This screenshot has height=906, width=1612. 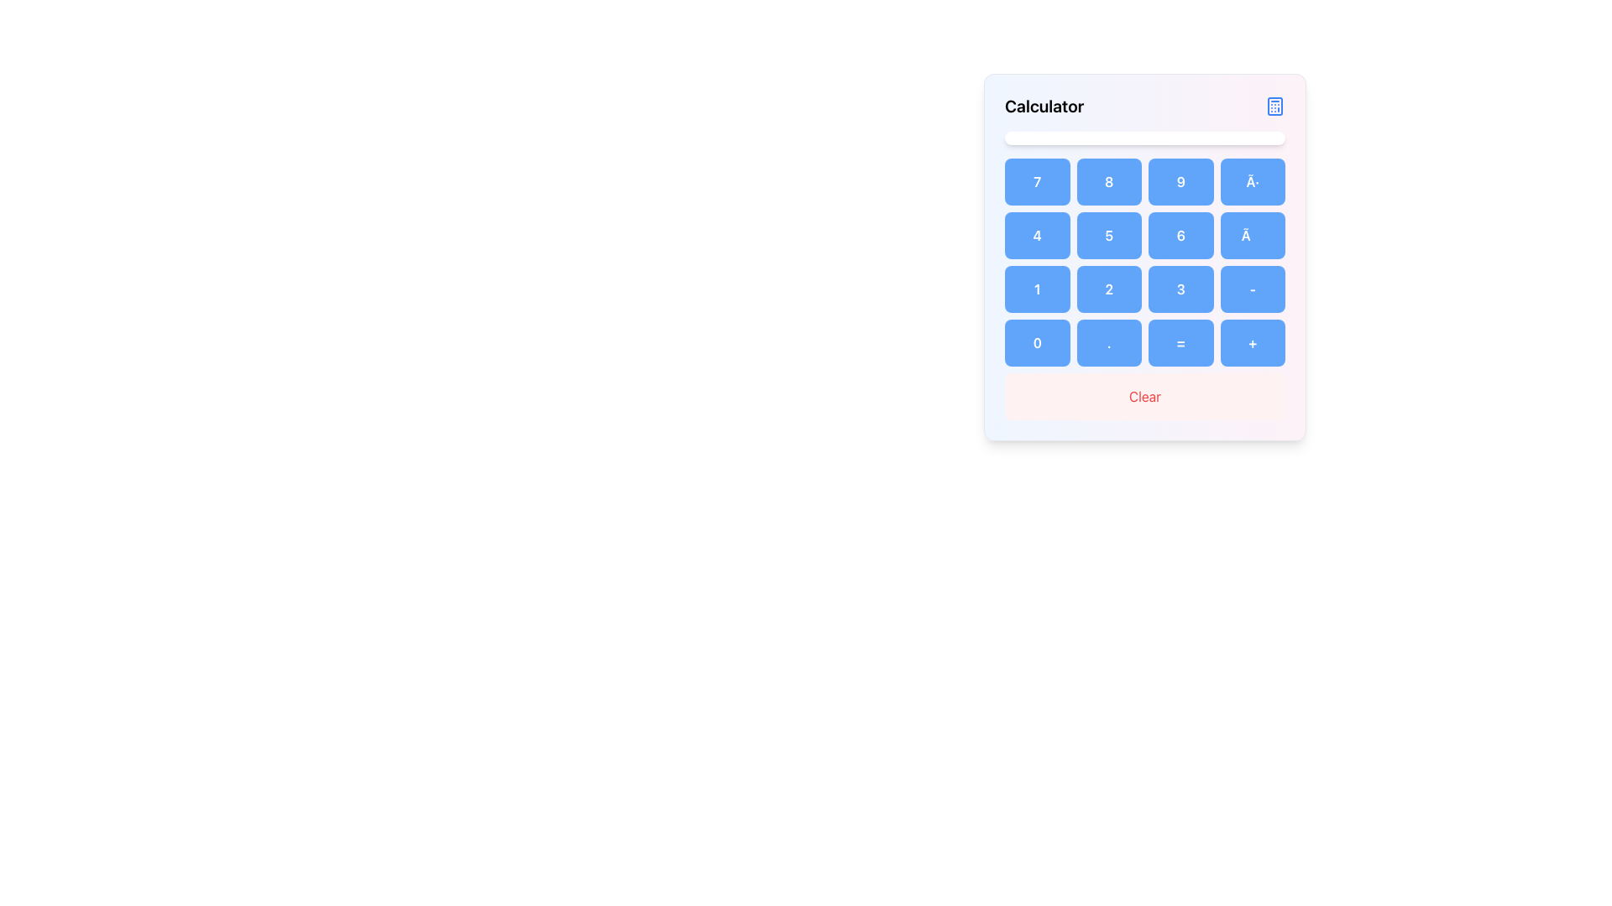 What do you see at coordinates (1144, 258) in the screenshot?
I see `the calculator panel, which features a gradient background from blue to pink, rounded corners, and includes the title 'Calculator' at the top` at bounding box center [1144, 258].